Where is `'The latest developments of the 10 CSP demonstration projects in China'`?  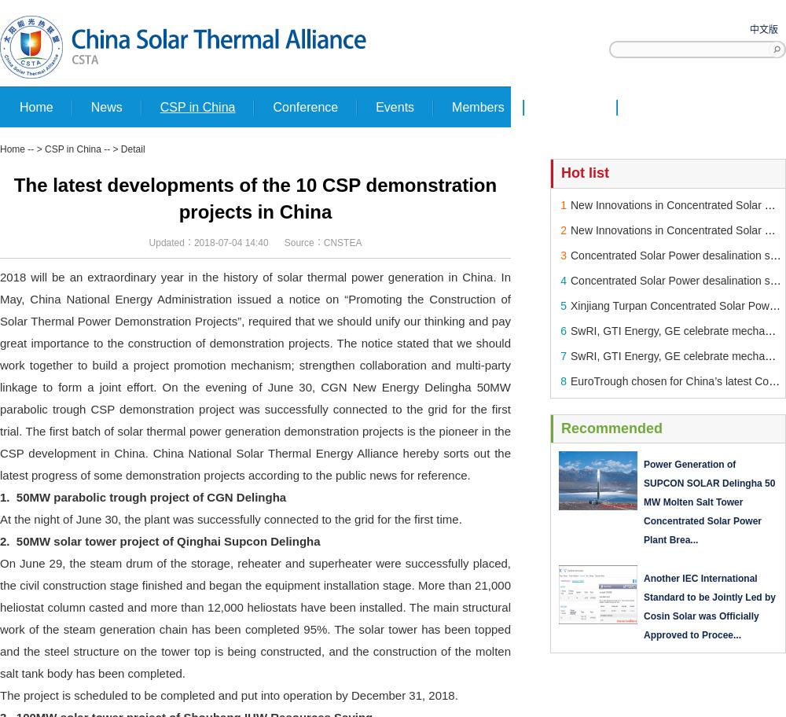 'The latest developments of the 10 CSP demonstration projects in China' is located at coordinates (254, 198).